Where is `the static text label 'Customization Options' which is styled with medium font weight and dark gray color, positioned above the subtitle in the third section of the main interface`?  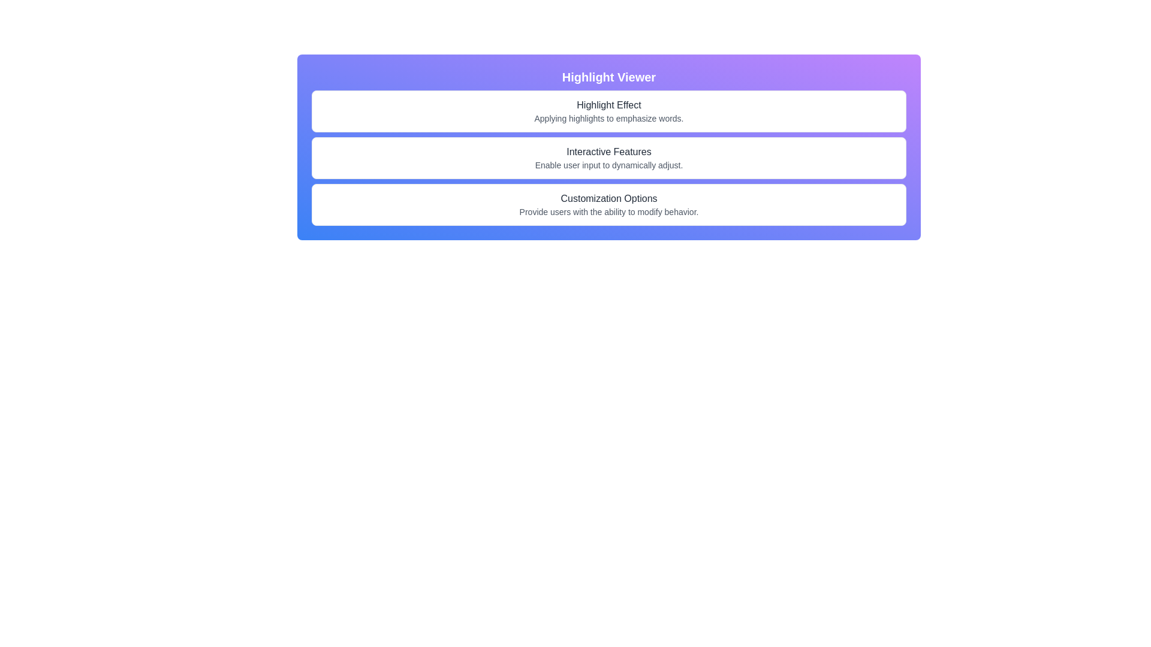 the static text label 'Customization Options' which is styled with medium font weight and dark gray color, positioned above the subtitle in the third section of the main interface is located at coordinates (609, 198).